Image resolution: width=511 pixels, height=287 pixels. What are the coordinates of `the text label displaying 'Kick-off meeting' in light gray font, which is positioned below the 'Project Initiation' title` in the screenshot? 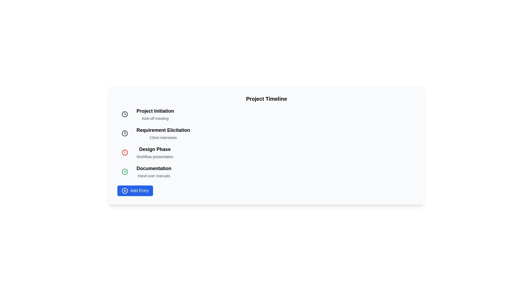 It's located at (155, 118).